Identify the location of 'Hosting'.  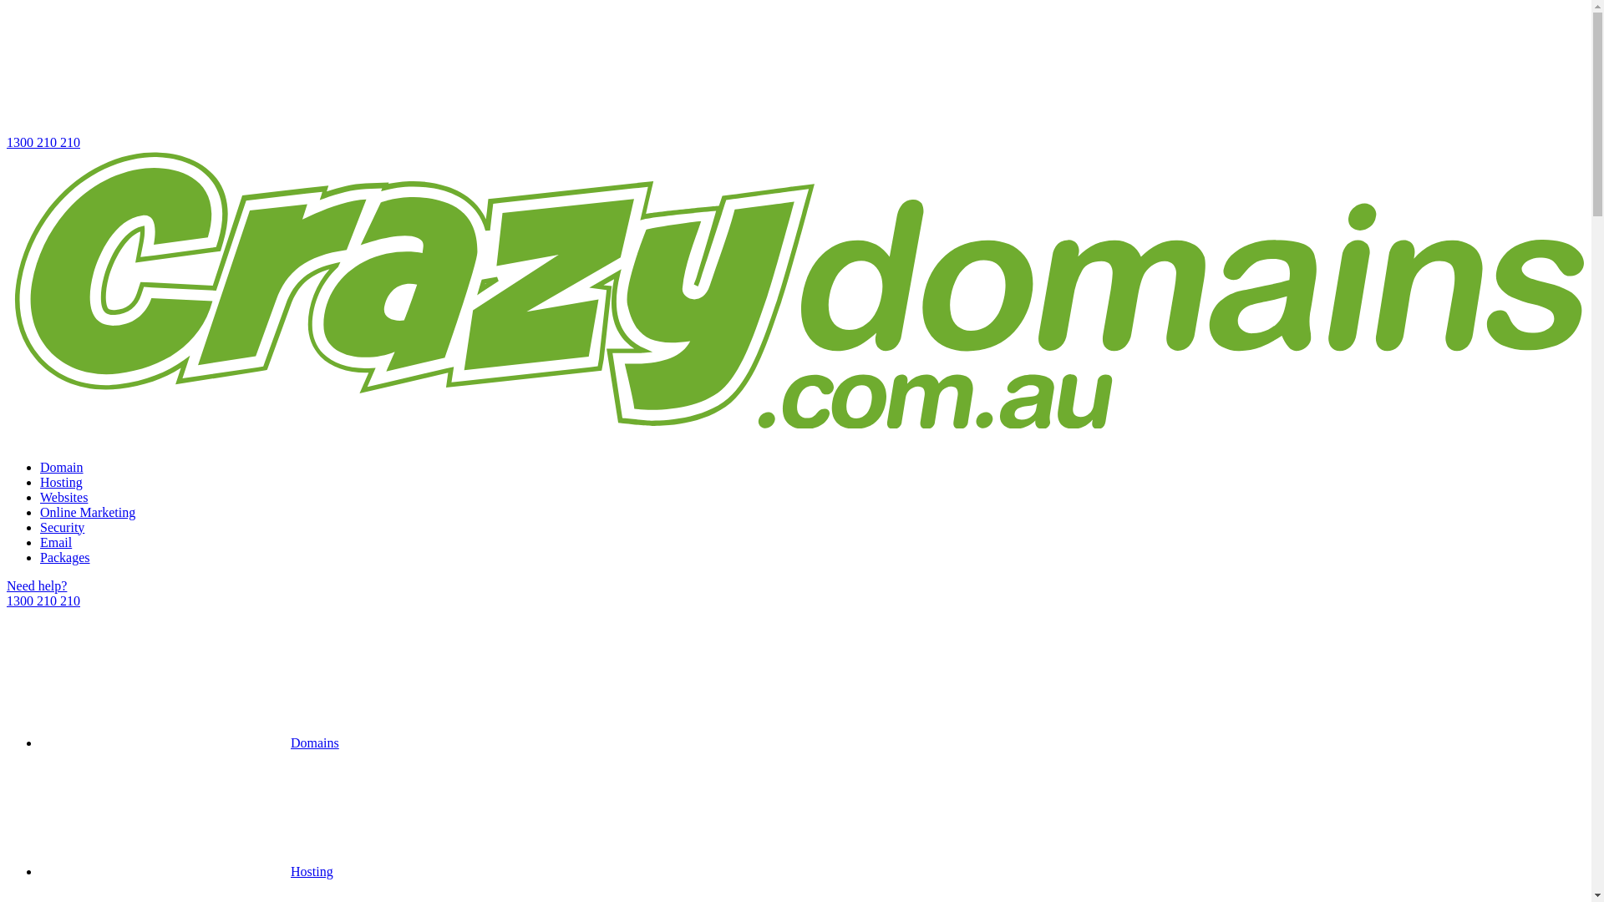
(186, 870).